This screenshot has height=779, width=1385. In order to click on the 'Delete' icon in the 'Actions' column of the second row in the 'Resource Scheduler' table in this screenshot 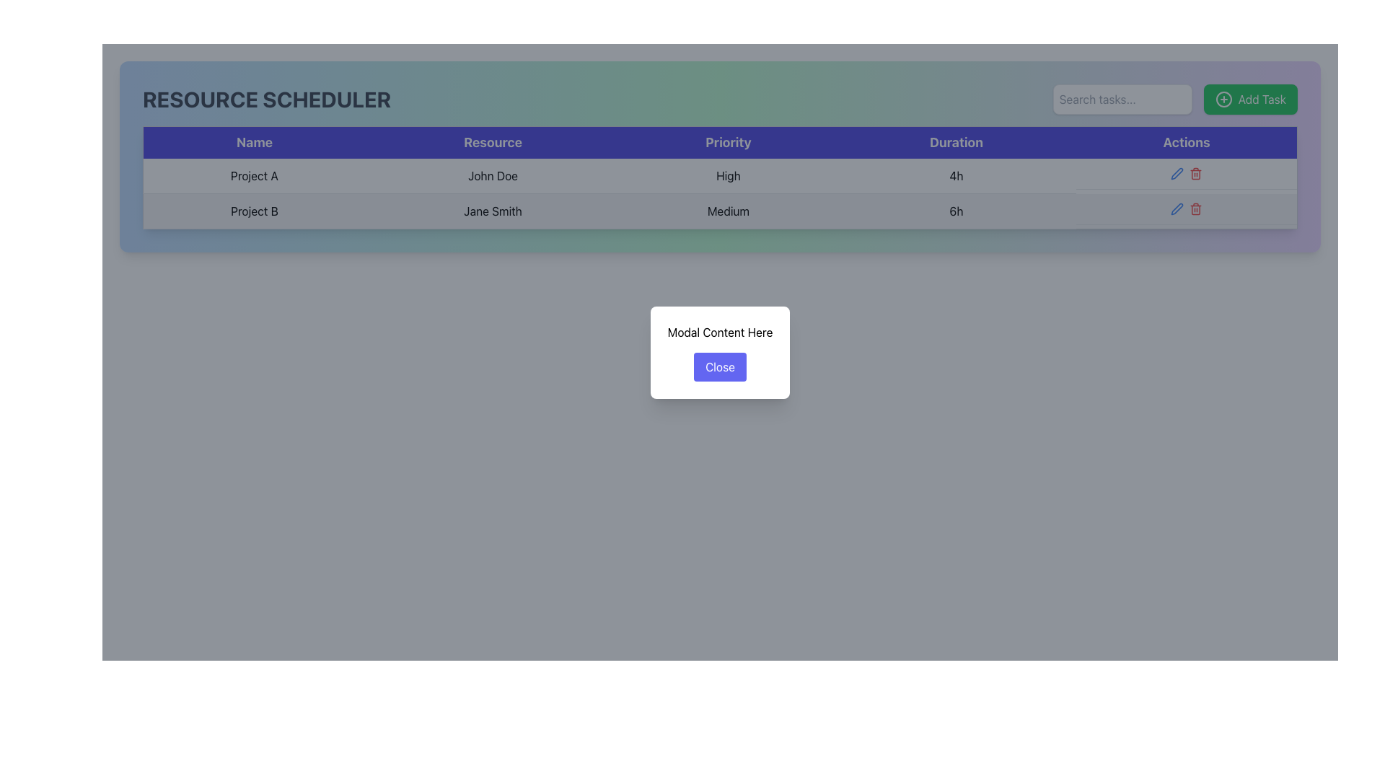, I will do `click(1196, 209)`.